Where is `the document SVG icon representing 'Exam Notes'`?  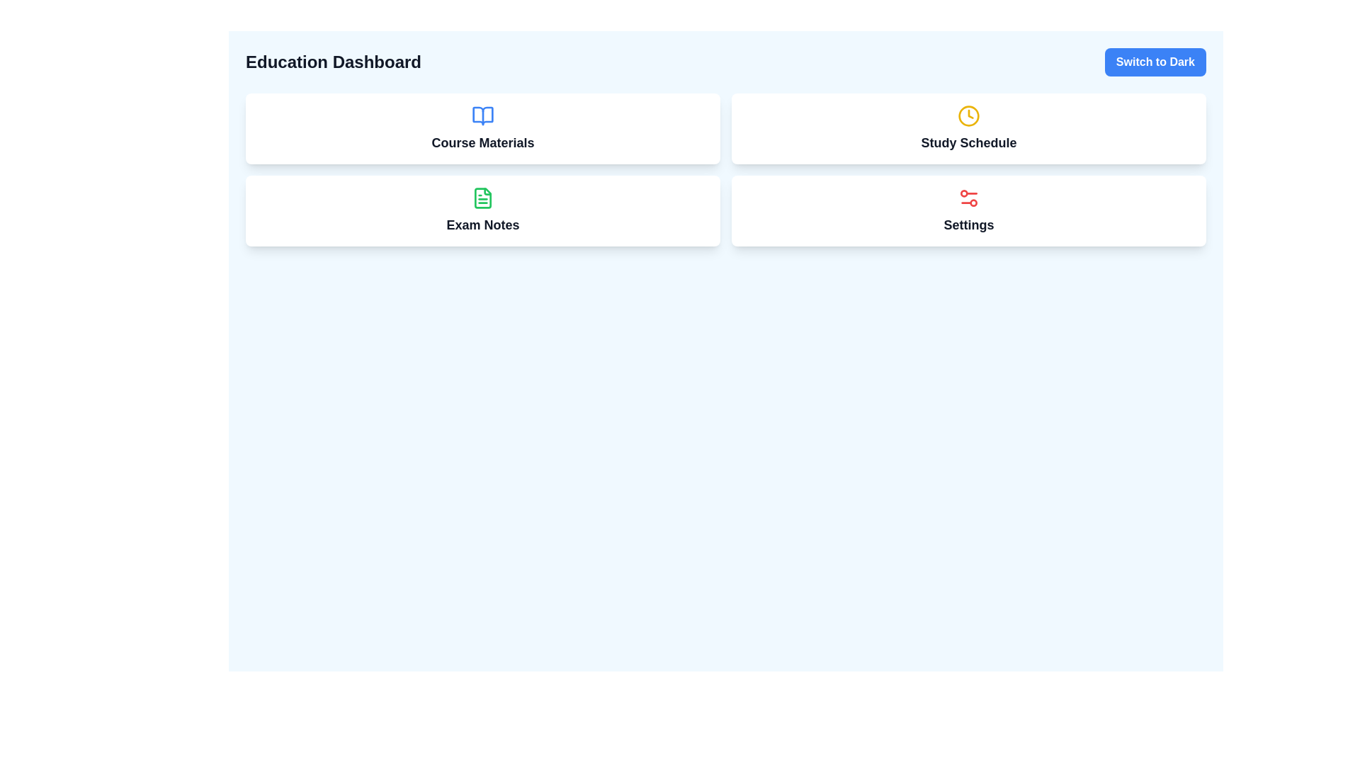 the document SVG icon representing 'Exam Notes' is located at coordinates (482, 198).